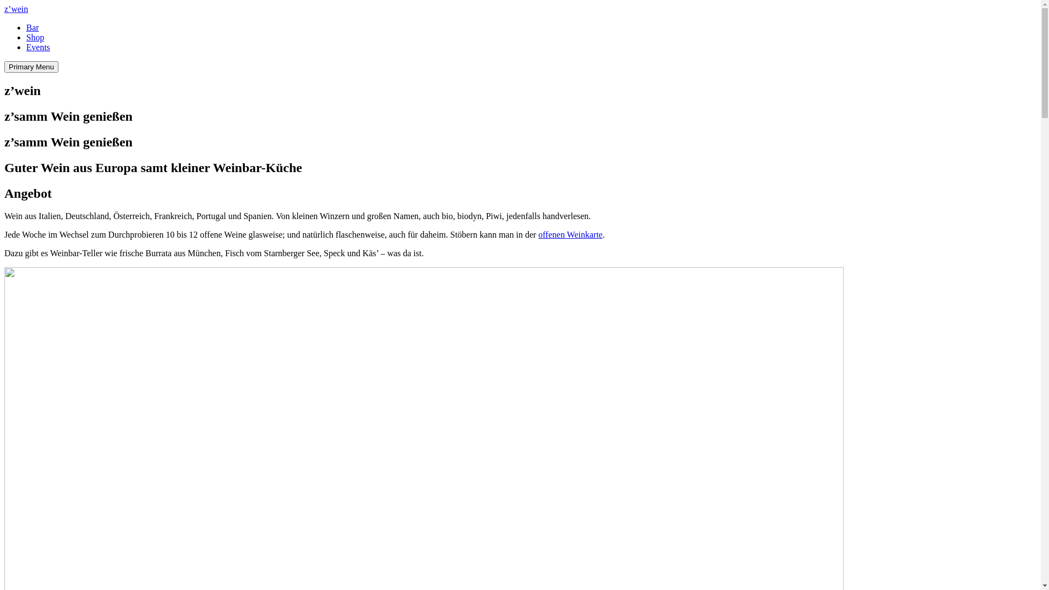 The width and height of the screenshot is (1049, 590). What do you see at coordinates (31, 67) in the screenshot?
I see `'Primary Menu'` at bounding box center [31, 67].